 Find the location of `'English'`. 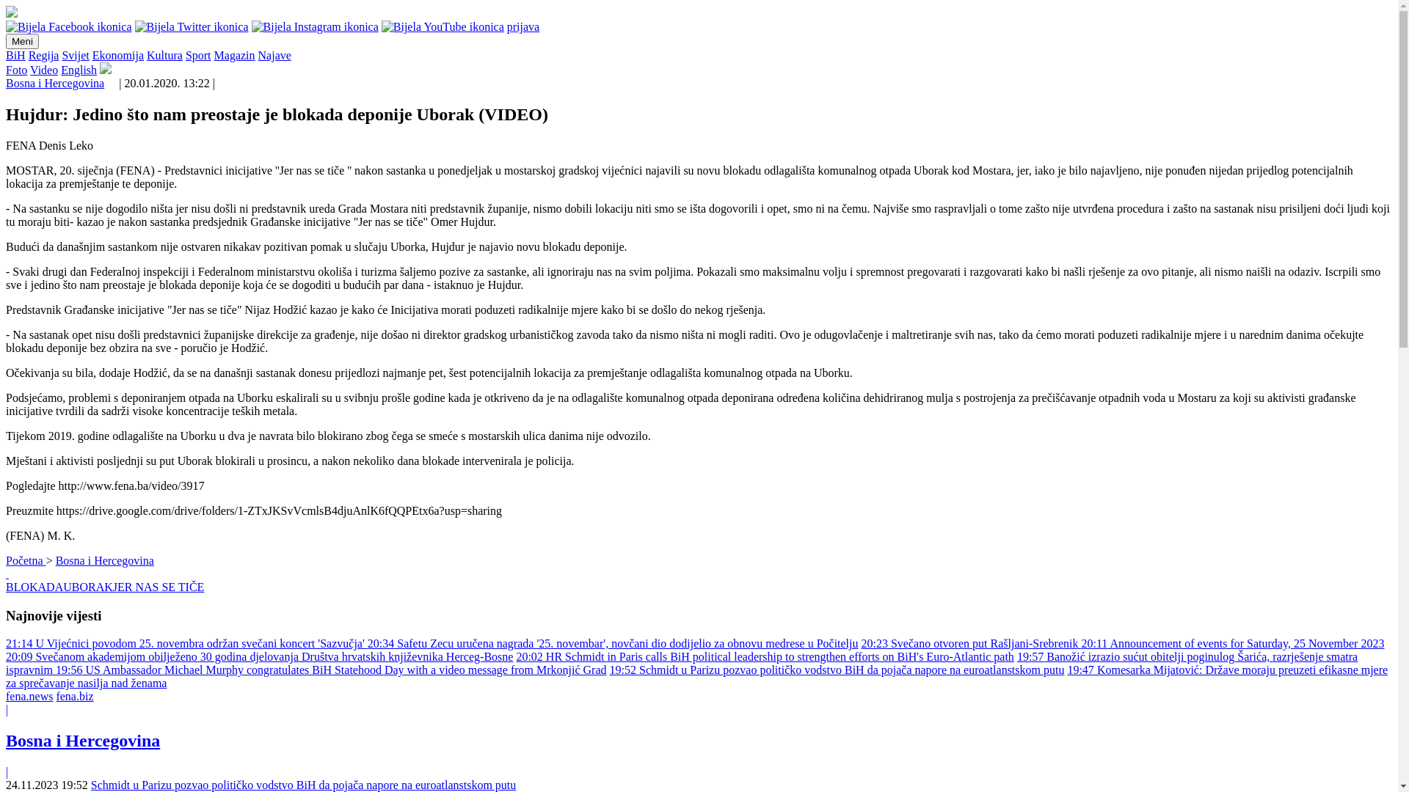

'English' is located at coordinates (78, 70).